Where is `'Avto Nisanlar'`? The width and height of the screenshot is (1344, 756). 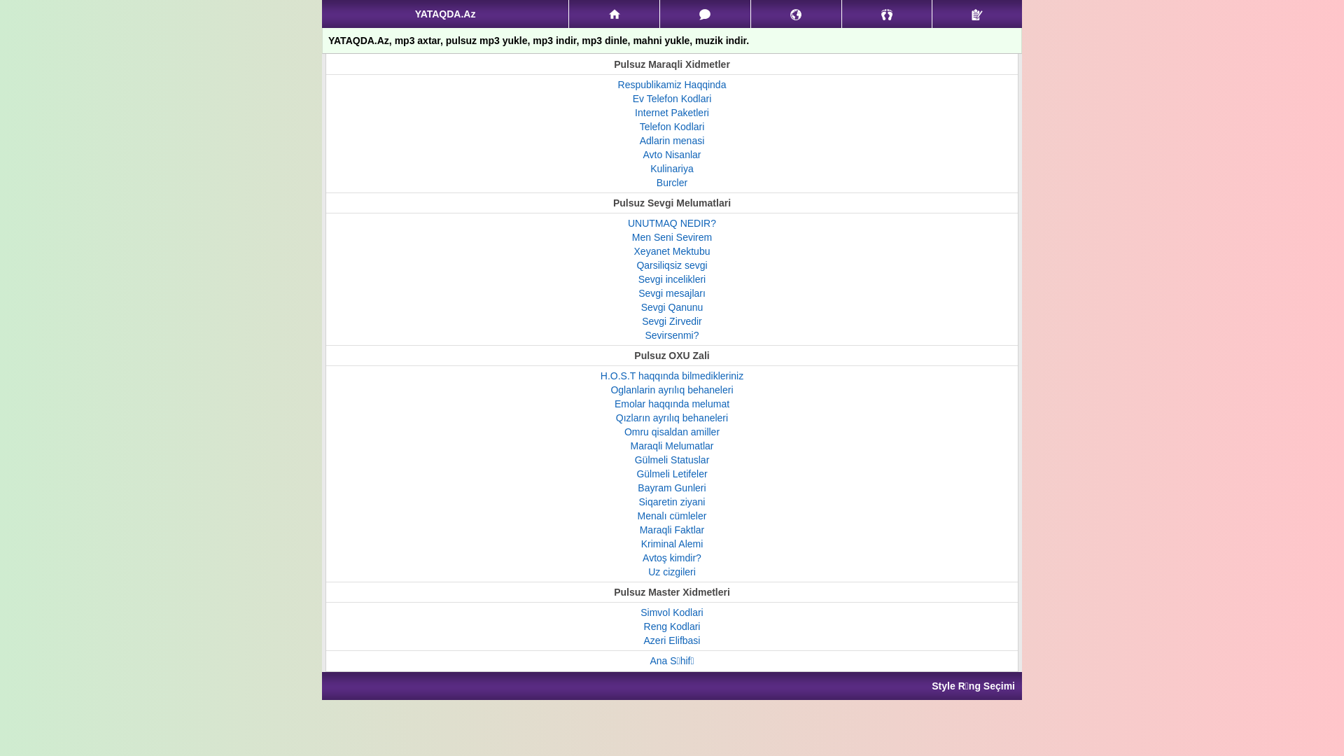 'Avto Nisanlar' is located at coordinates (671, 154).